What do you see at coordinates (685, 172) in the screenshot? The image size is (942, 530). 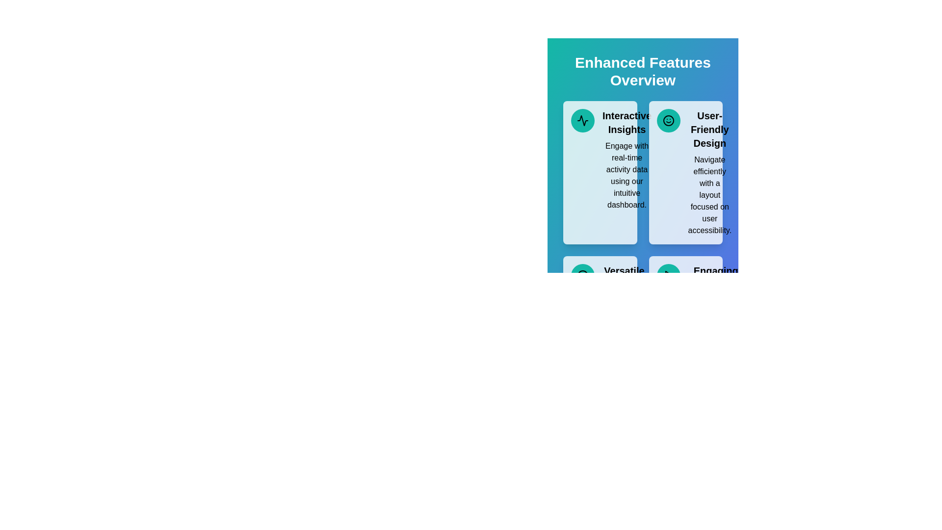 I see `the Informational Card that presents information about 'User-Friendly Design', located in the right column of the two-column grid, second row, adjacent to 'Interactive Insights' and above 'Engaging Interactions'` at bounding box center [685, 172].